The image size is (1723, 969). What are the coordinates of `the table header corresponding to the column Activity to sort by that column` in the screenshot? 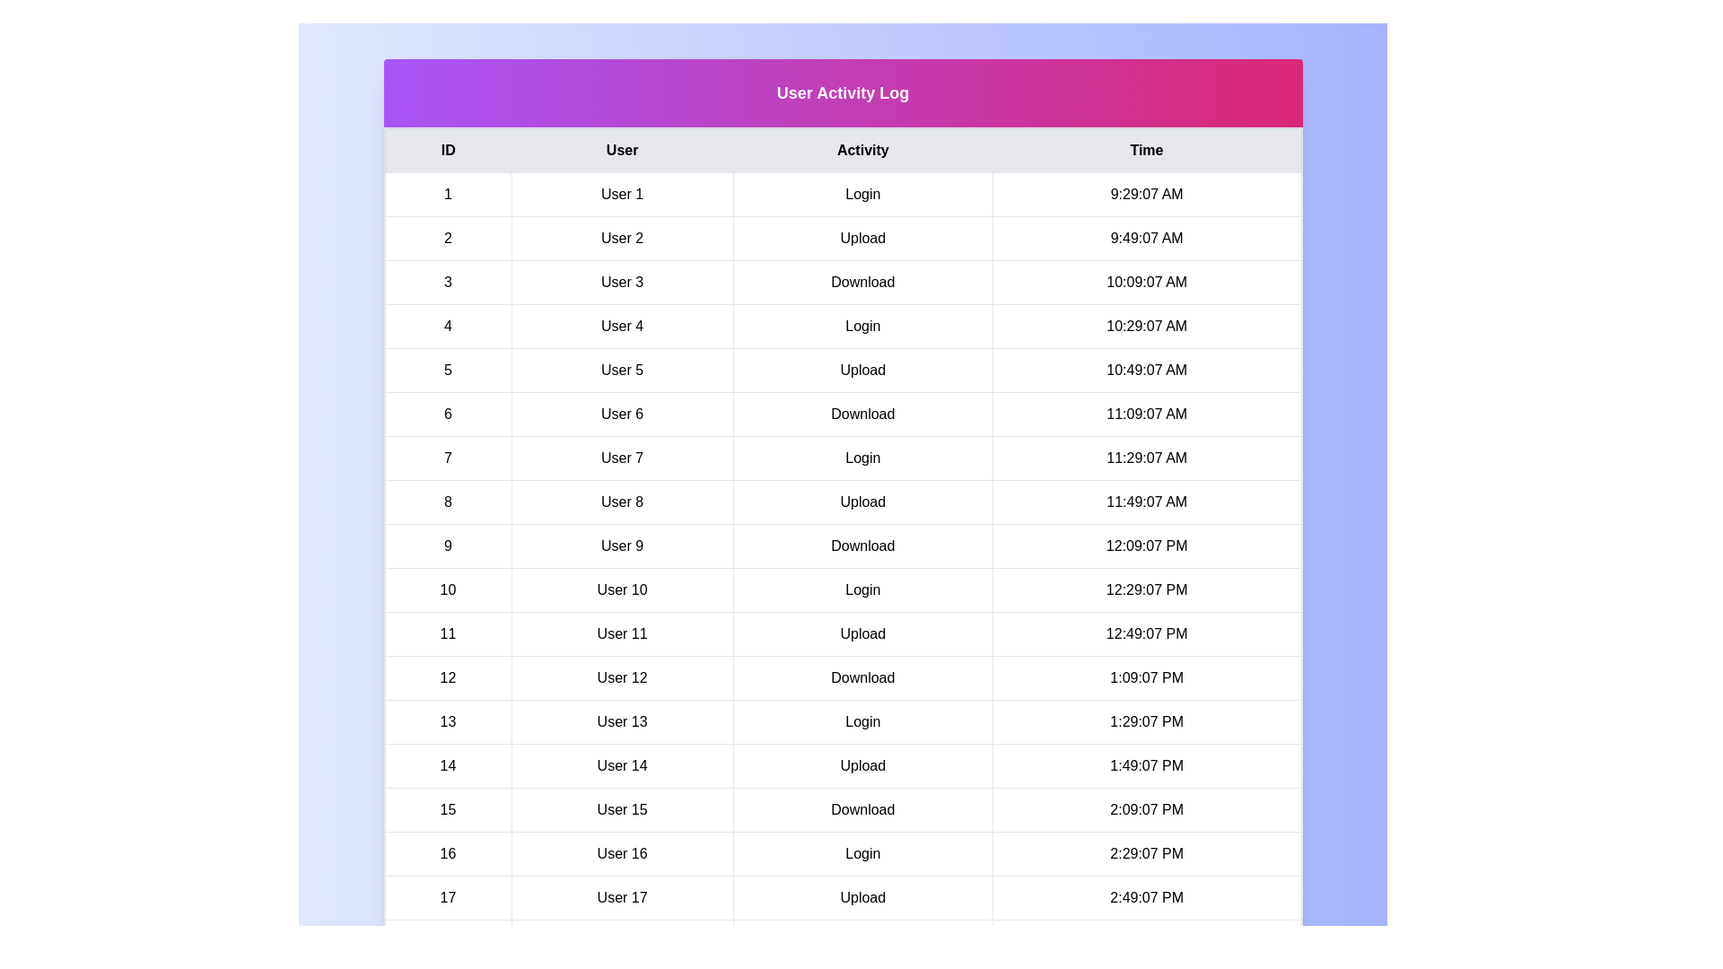 It's located at (862, 150).